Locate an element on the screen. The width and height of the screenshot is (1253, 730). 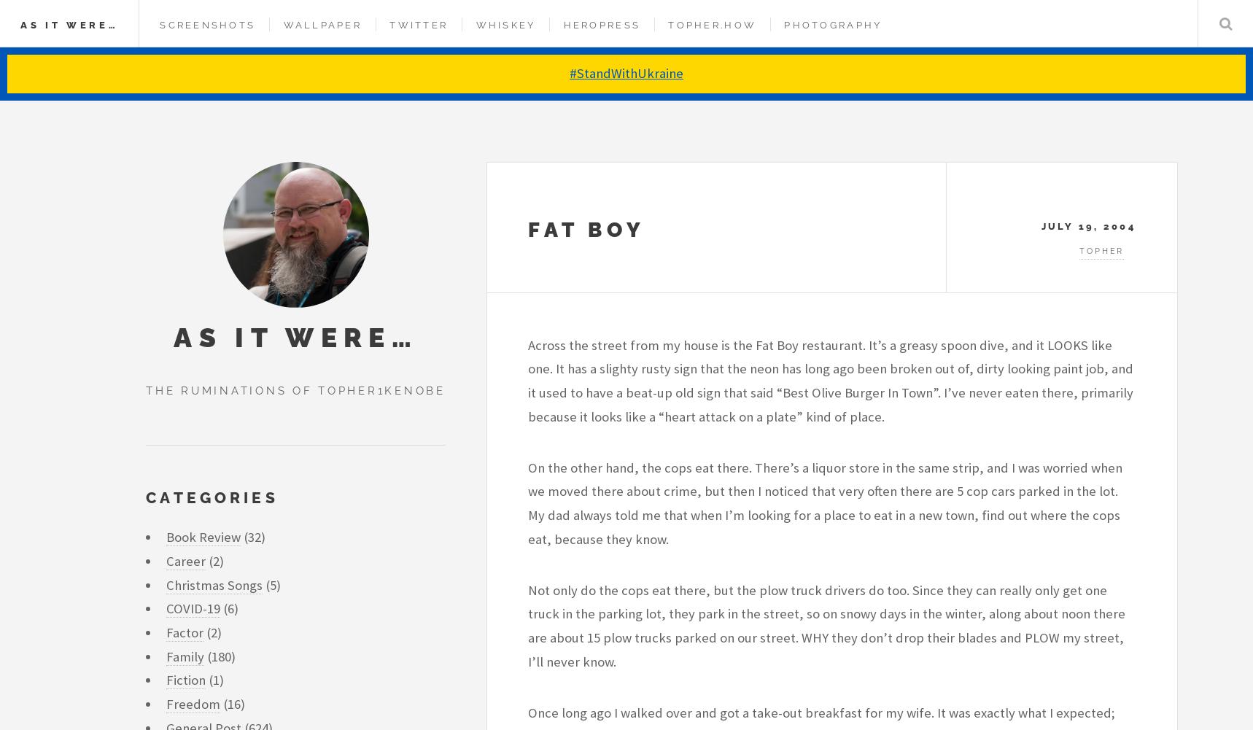
'(1)' is located at coordinates (205, 679).